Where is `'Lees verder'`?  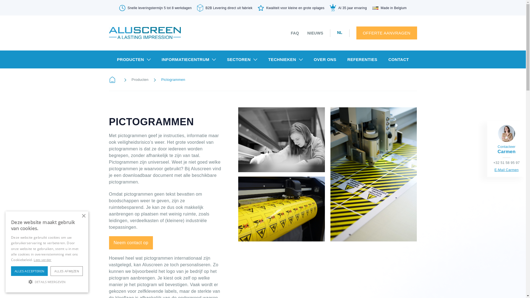
'Lees verder' is located at coordinates (42, 260).